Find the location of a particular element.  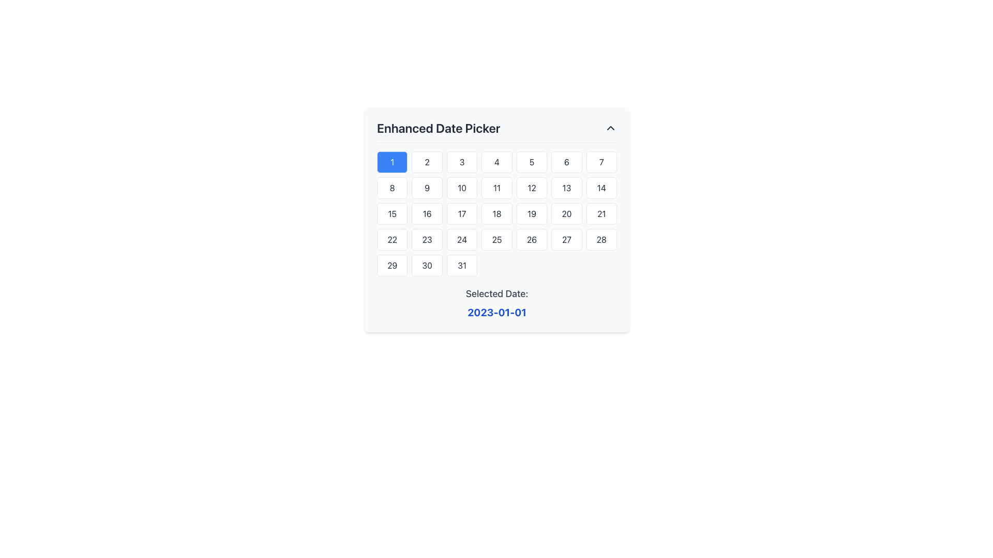

the selectable day button representing the 30th day of the current month in the Enhanced Date Picker interface is located at coordinates (427, 265).